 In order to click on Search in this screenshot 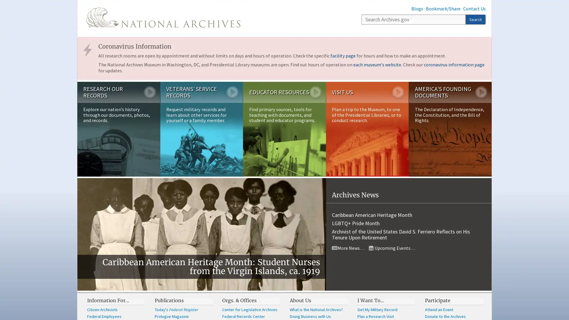, I will do `click(475, 19)`.